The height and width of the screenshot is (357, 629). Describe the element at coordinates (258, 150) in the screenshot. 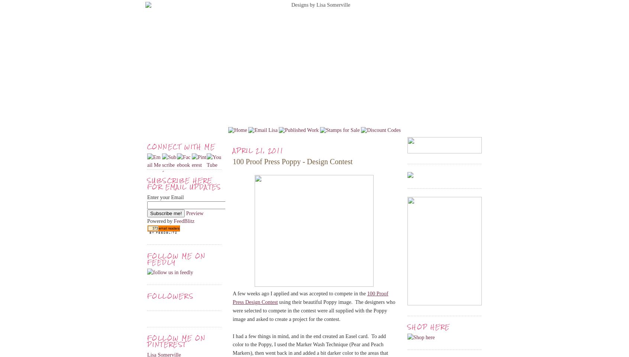

I see `'April 21, 2011'` at that location.